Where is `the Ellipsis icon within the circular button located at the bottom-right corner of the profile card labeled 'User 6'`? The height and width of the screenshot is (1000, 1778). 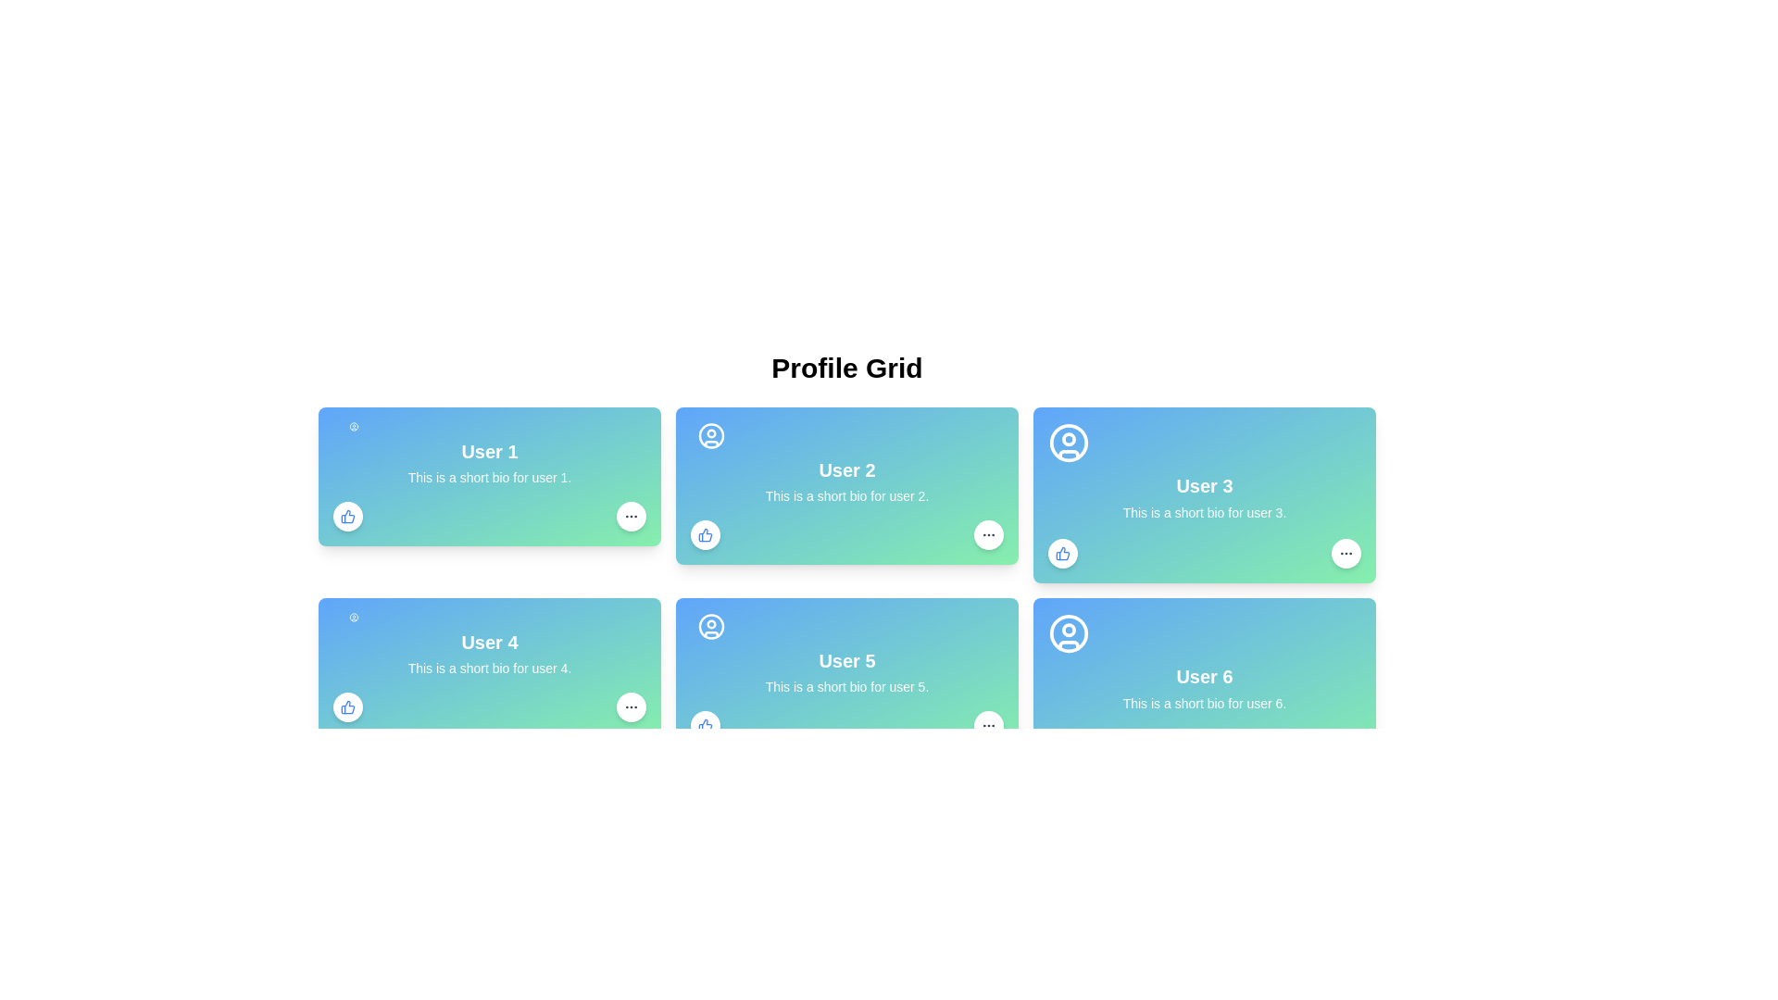 the Ellipsis icon within the circular button located at the bottom-right corner of the profile card labeled 'User 6' is located at coordinates (988, 724).